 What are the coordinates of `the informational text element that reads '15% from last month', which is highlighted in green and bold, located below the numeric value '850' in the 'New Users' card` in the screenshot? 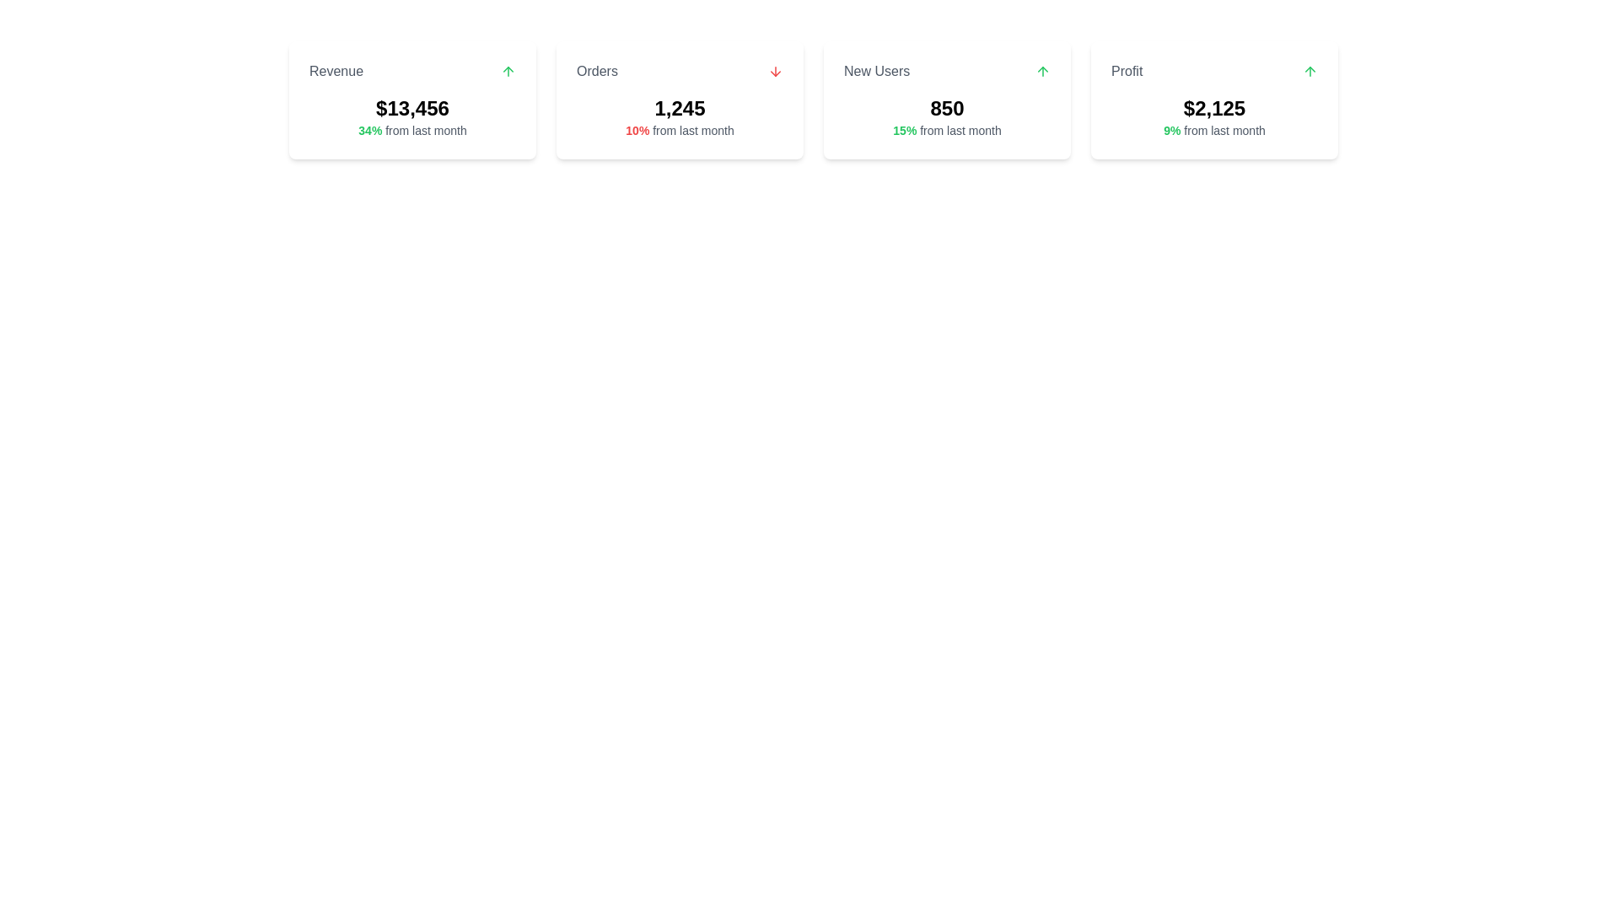 It's located at (947, 129).